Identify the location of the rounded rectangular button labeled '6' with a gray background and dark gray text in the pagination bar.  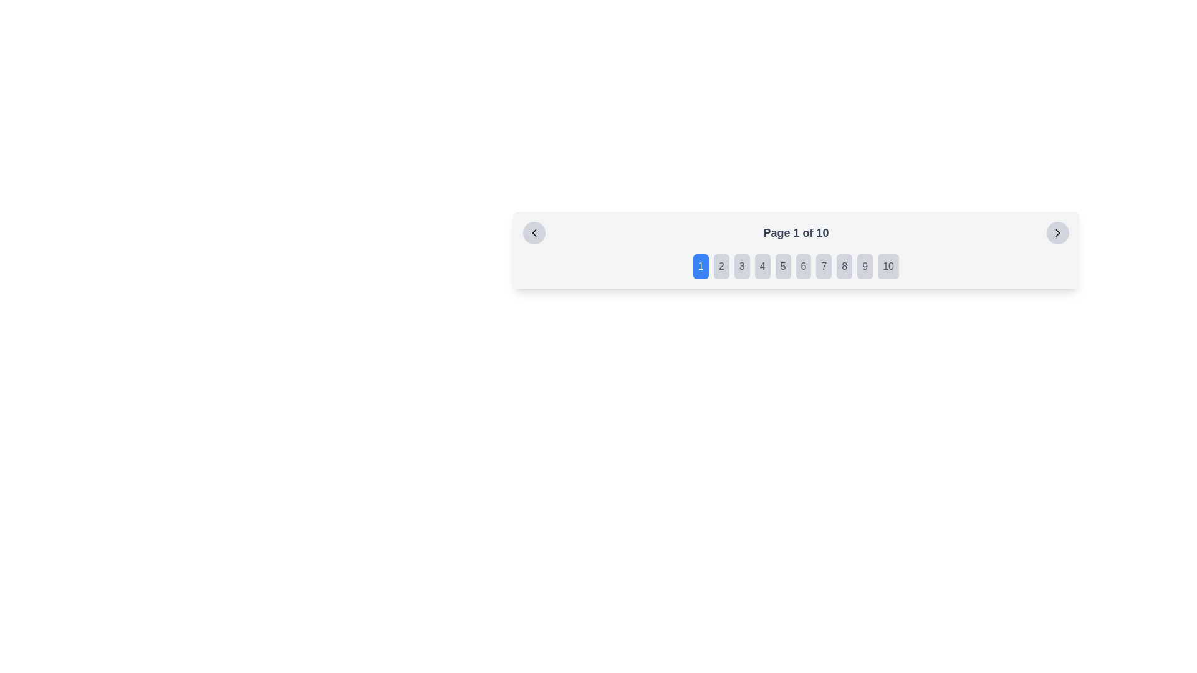
(804, 266).